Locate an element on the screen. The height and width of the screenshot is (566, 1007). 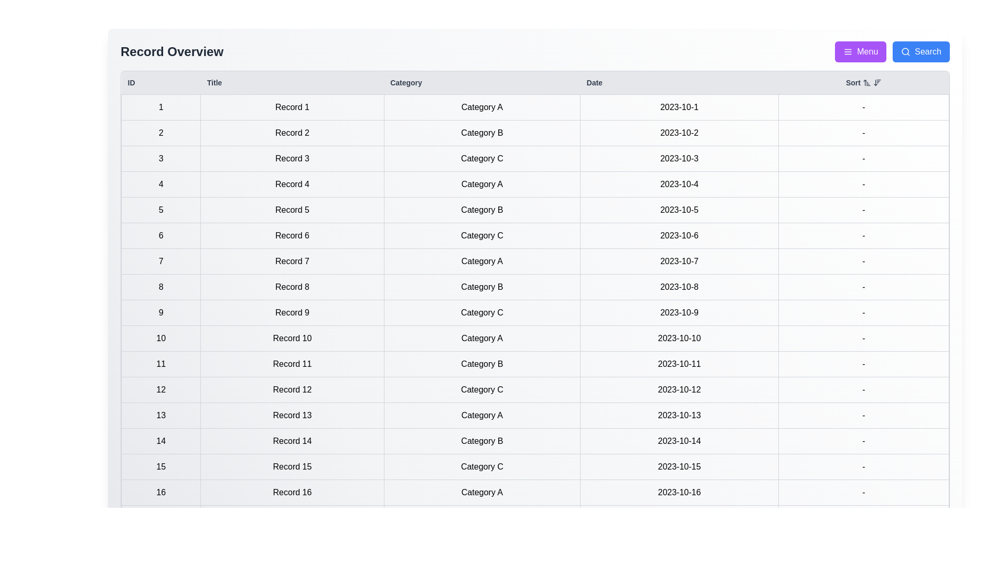
the 'Search' button to initiate a search is located at coordinates (920, 52).